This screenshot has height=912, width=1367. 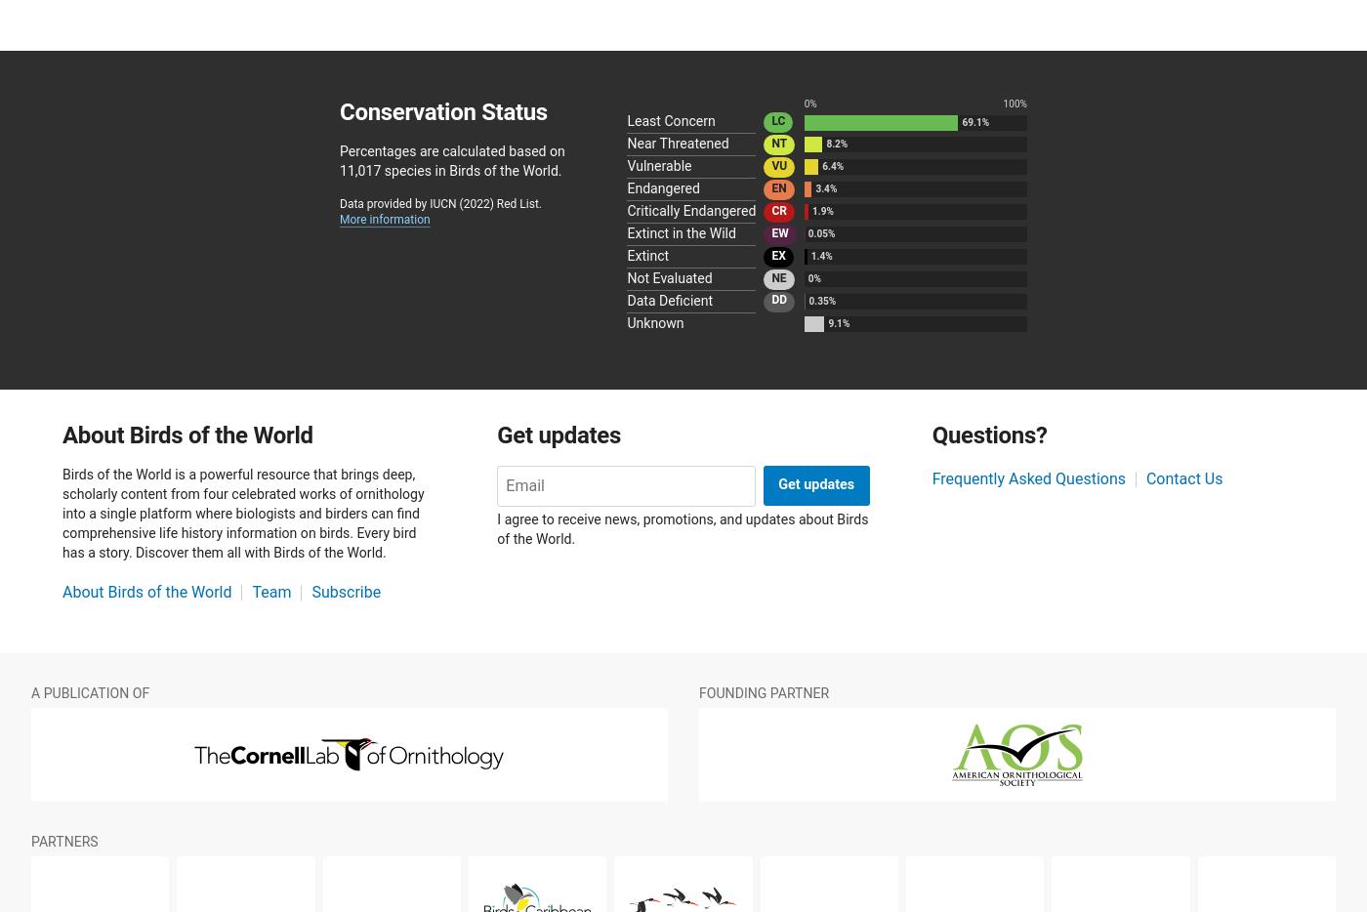 I want to click on 'Least Concern', so click(x=670, y=120).